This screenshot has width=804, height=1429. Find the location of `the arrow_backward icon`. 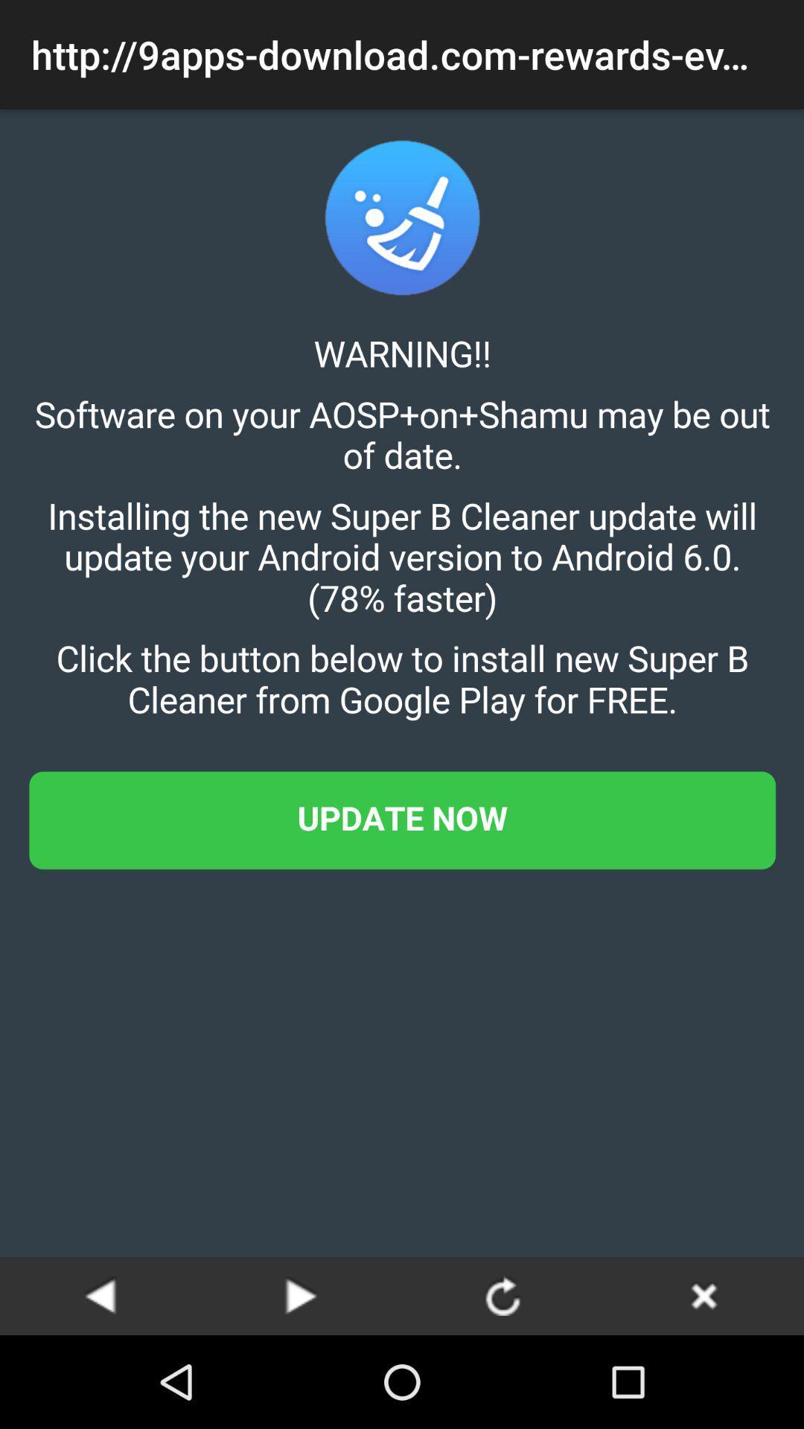

the arrow_backward icon is located at coordinates (100, 1295).